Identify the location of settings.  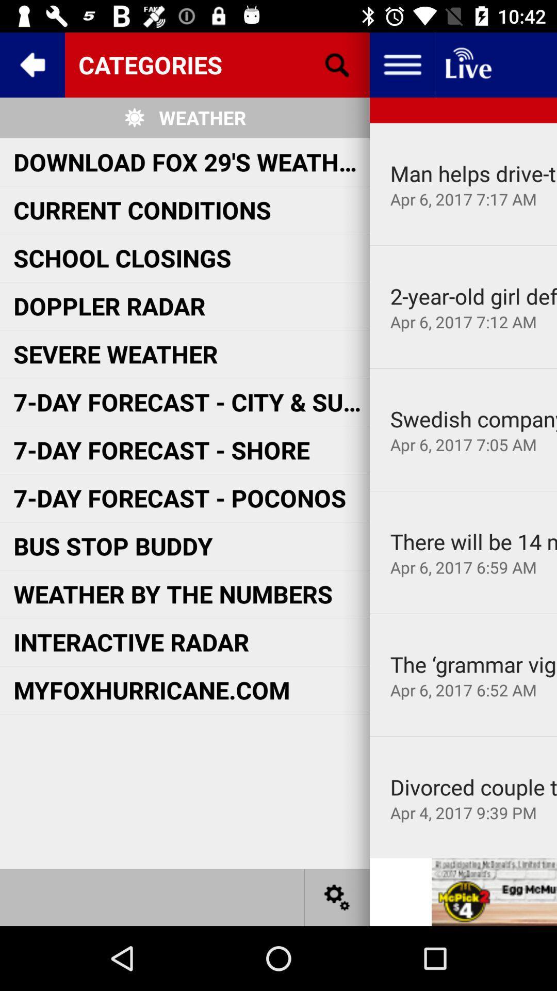
(337, 897).